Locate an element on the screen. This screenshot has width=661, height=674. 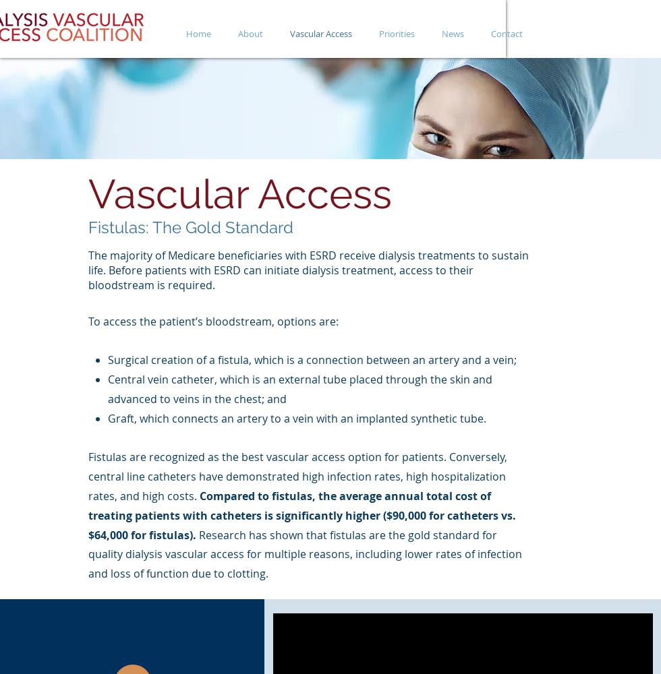
'Graft, which connects an artery to a vein with an implanted synthetic tube.' is located at coordinates (107, 417).